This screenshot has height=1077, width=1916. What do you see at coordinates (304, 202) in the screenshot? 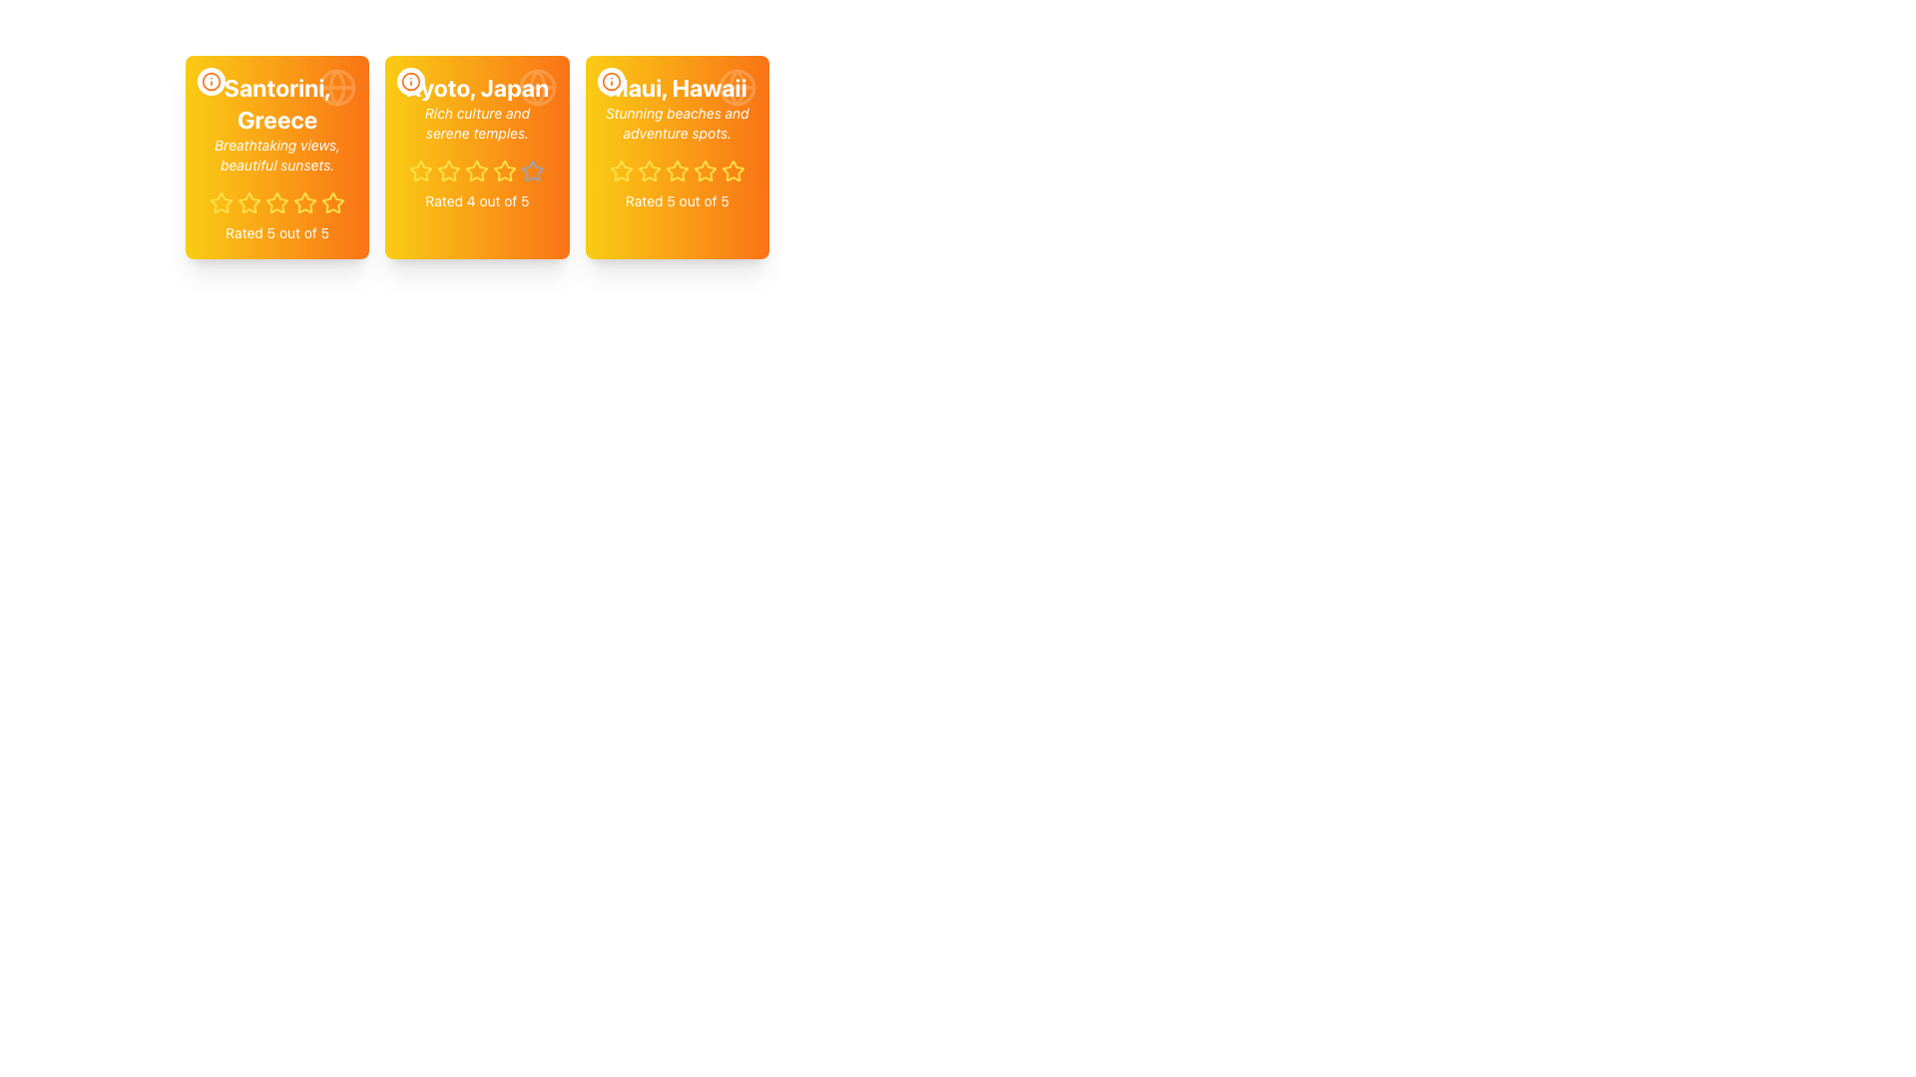
I see `the fourth star in the five-star rating system located at the bottom part of the 'Santorini, Greece' card` at bounding box center [304, 202].